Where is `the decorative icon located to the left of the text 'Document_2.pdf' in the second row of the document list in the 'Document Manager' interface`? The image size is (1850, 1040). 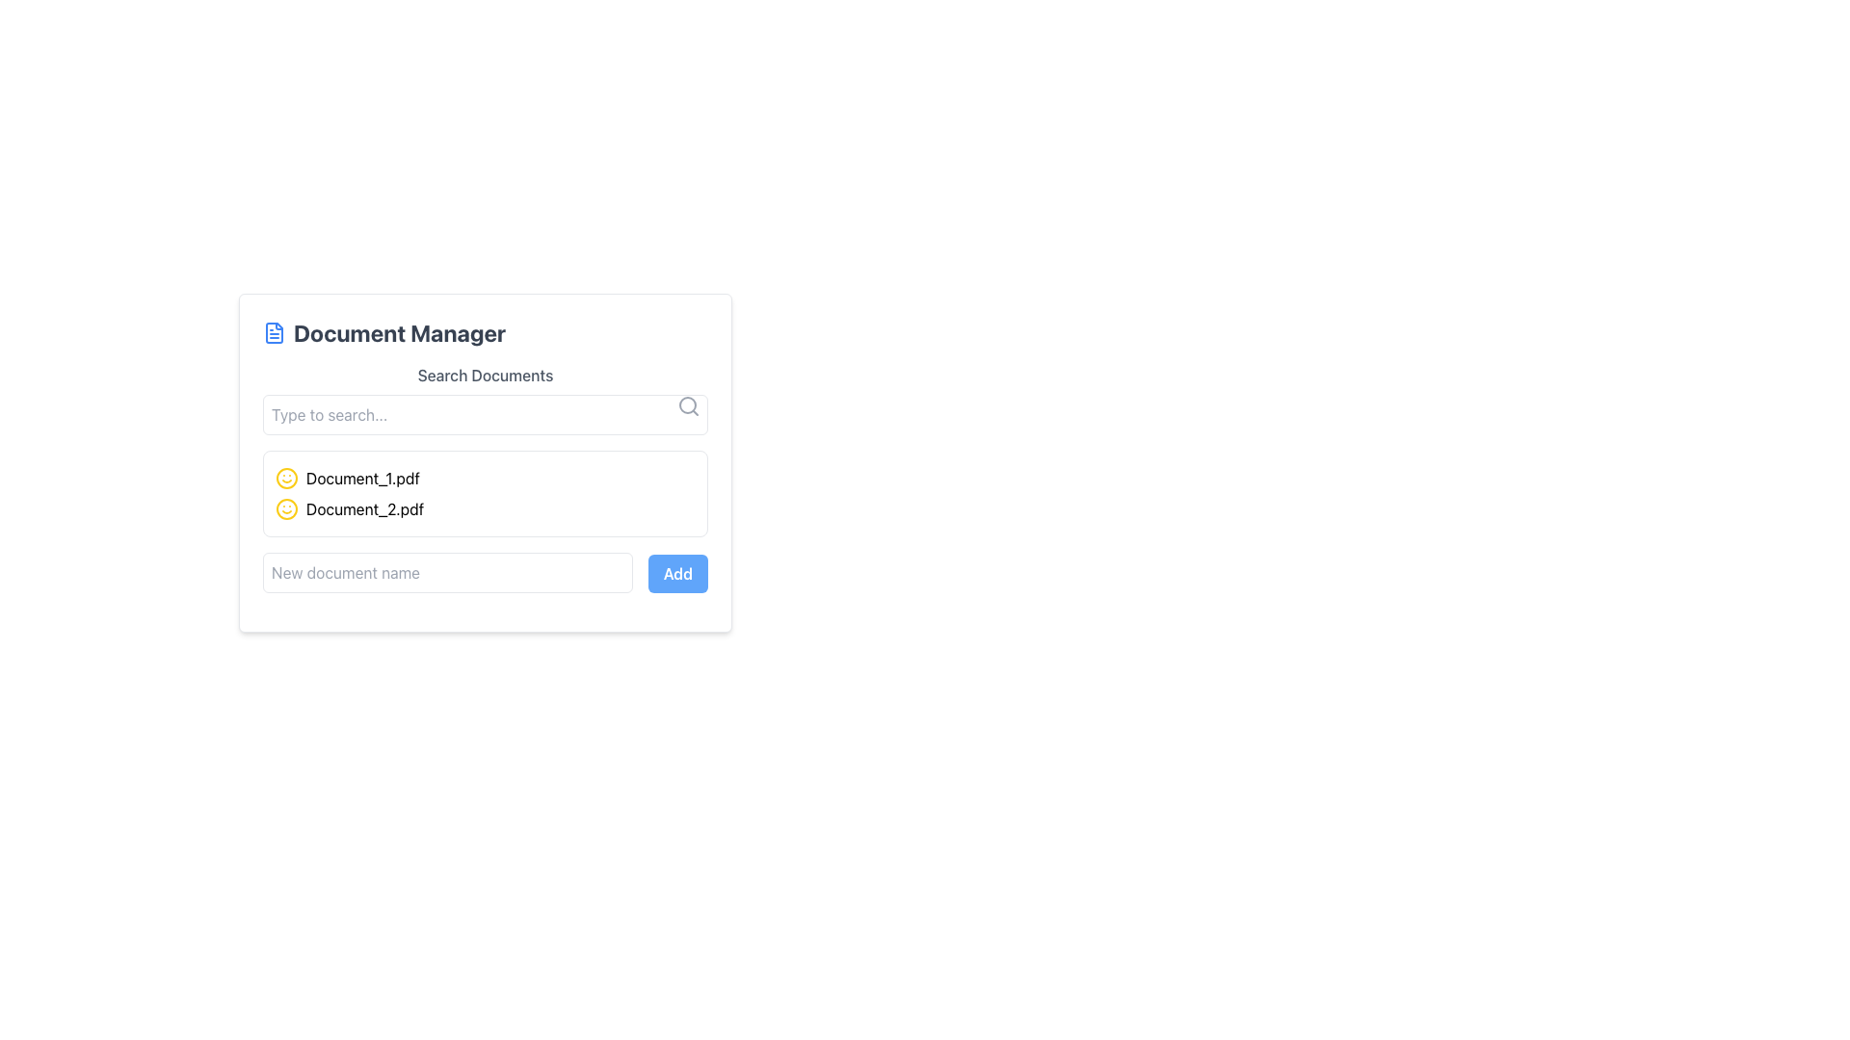 the decorative icon located to the left of the text 'Document_2.pdf' in the second row of the document list in the 'Document Manager' interface is located at coordinates (285, 507).